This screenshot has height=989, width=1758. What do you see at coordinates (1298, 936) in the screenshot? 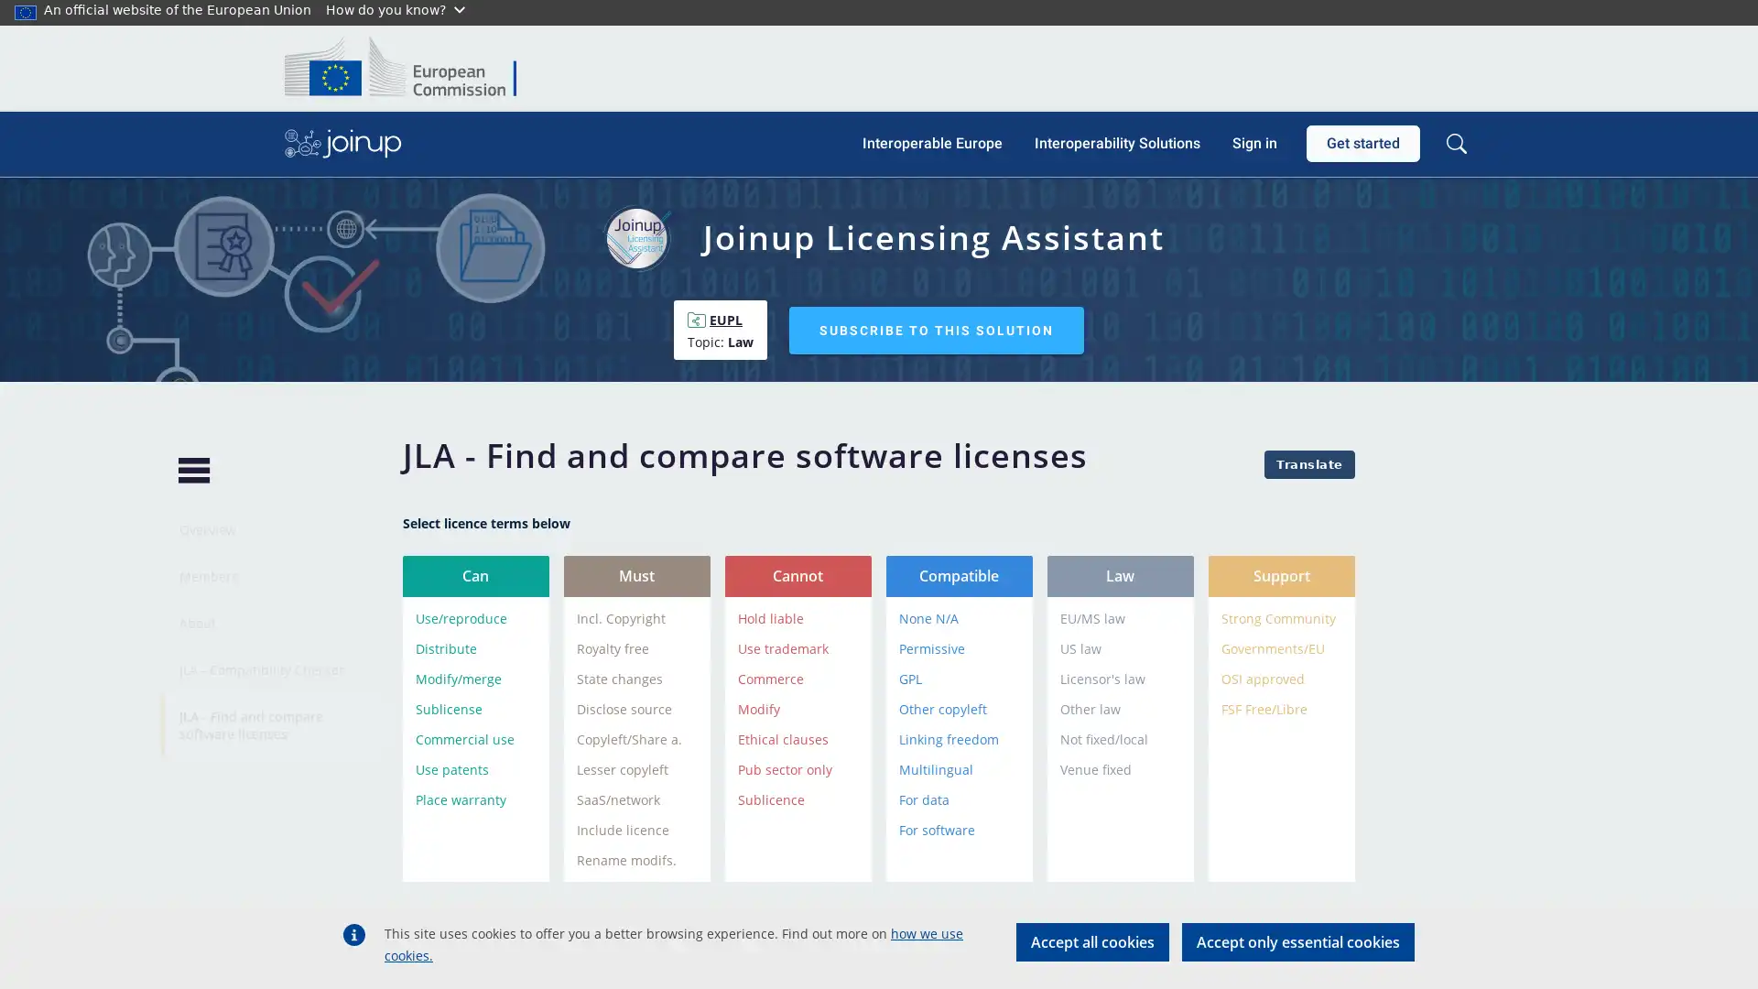
I see `RESET` at bounding box center [1298, 936].